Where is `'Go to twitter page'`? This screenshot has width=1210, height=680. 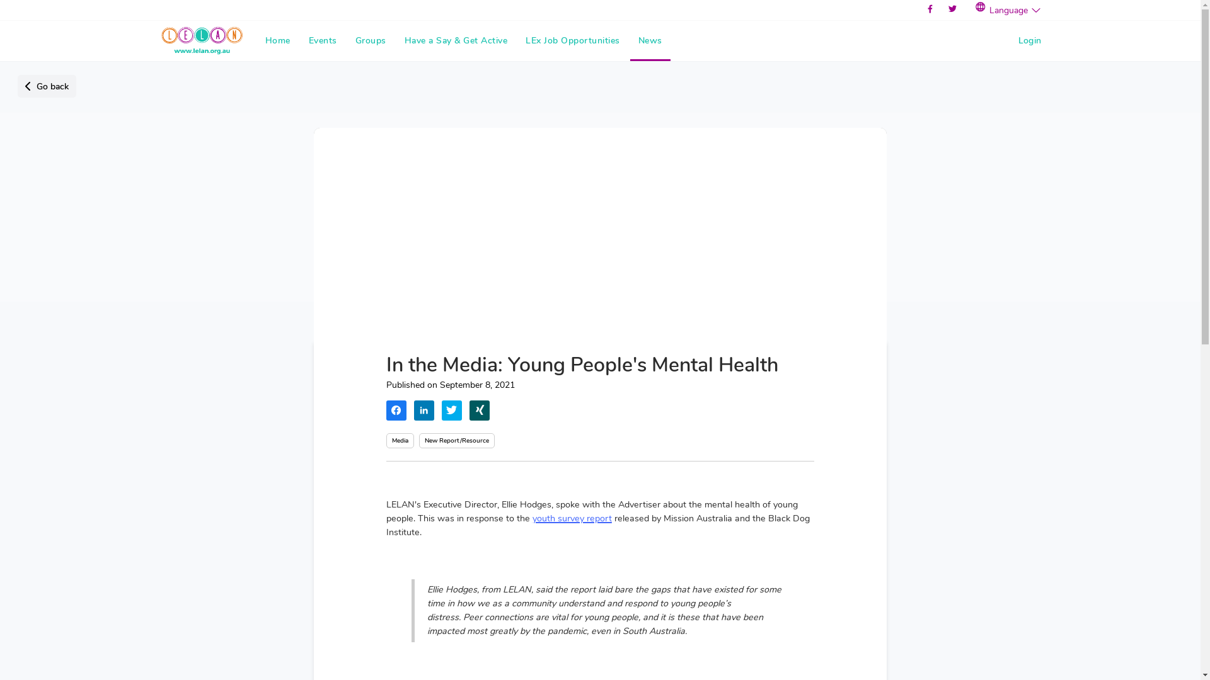 'Go to twitter page' is located at coordinates (952, 9).